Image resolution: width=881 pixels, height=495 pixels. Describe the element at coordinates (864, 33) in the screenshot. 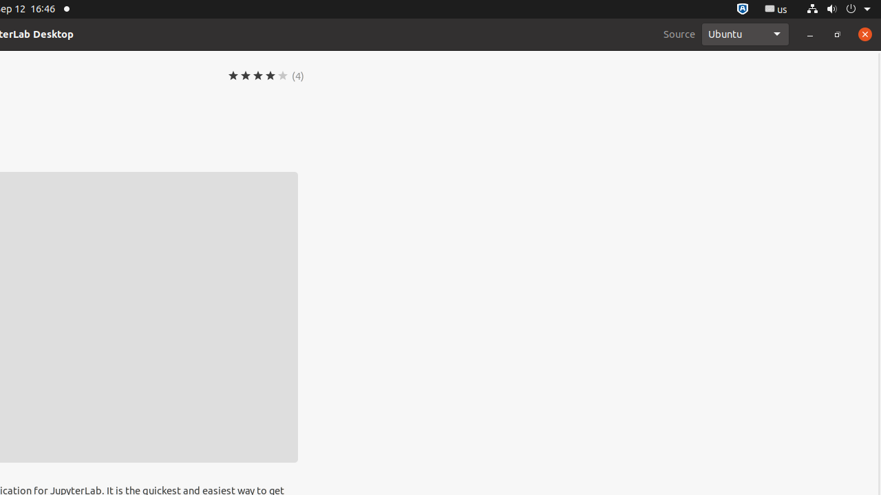

I see `'Close'` at that location.